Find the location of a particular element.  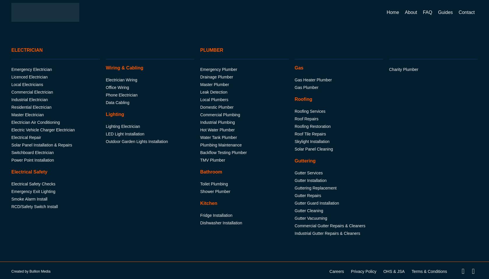

'Emergency Exit Lighting' is located at coordinates (33, 191).